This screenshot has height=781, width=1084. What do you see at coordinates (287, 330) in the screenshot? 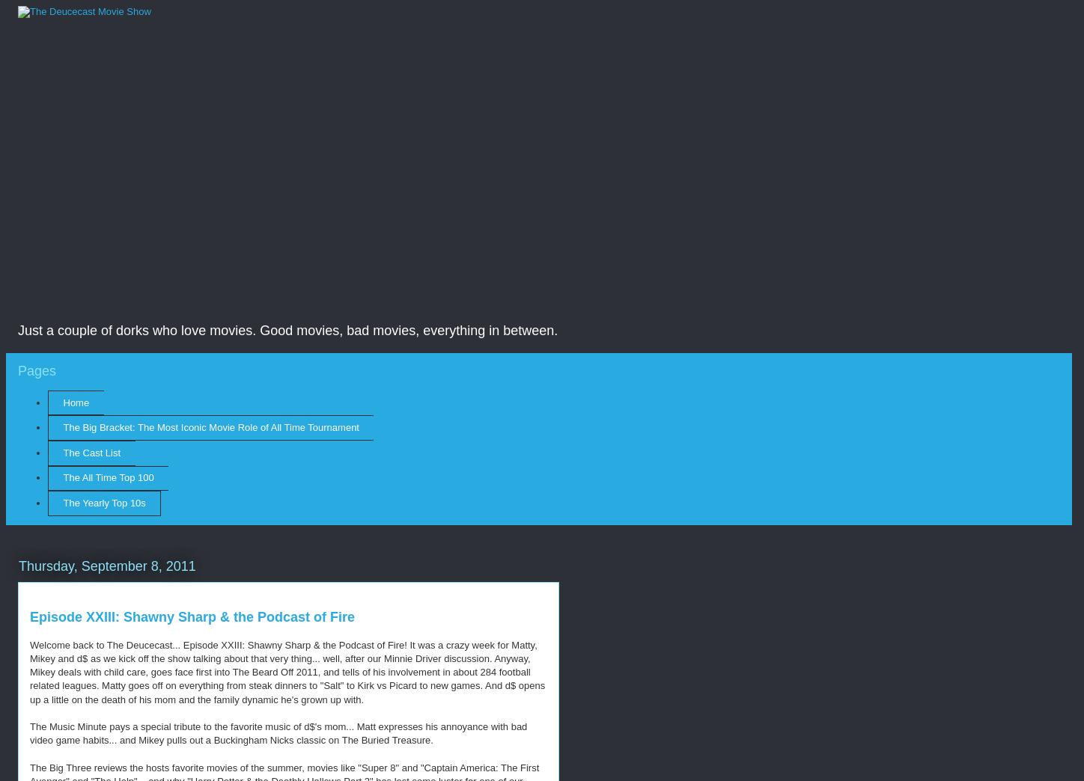
I see `'Just a couple of dorks who love movies. Good movies, bad movies, everything in between.'` at bounding box center [287, 330].